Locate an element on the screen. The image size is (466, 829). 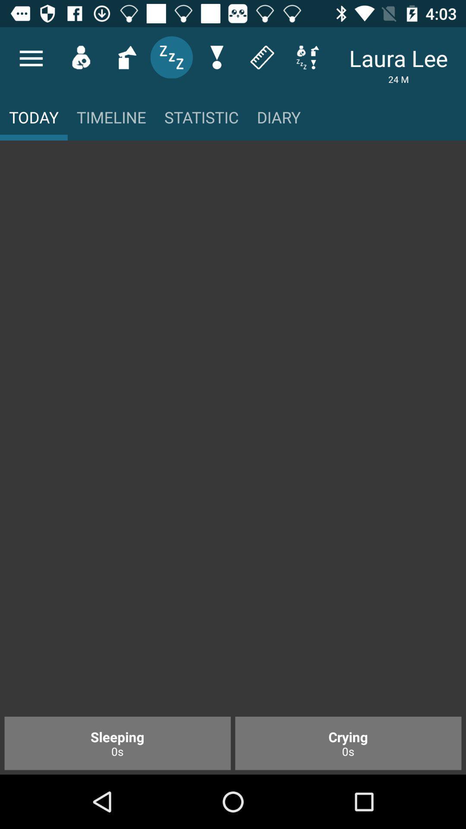
item to the right of sleeping is located at coordinates (348, 743).